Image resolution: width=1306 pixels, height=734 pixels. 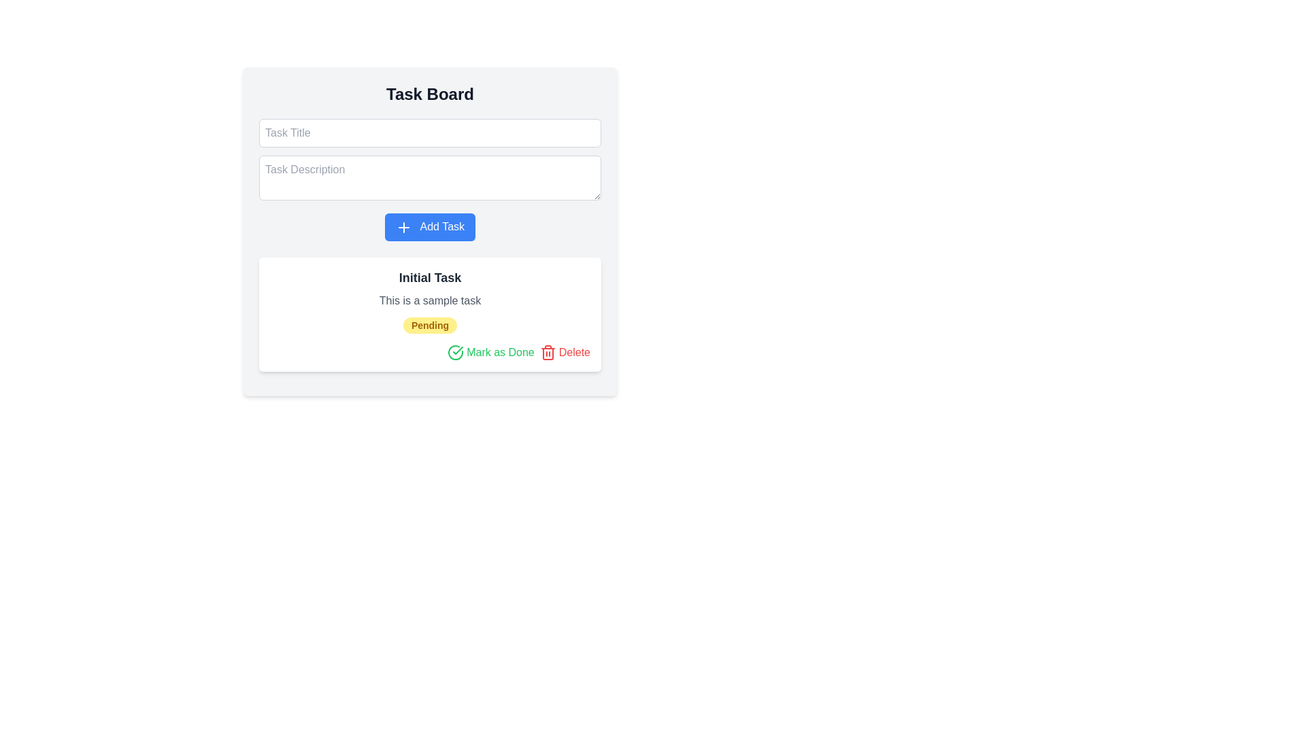 What do you see at coordinates (565, 351) in the screenshot?
I see `the 'Delete' button, which is styled with red text and a trash bin icon, located to the far right in the row of interactive controls for the task beneath the 'Pending' status badge` at bounding box center [565, 351].